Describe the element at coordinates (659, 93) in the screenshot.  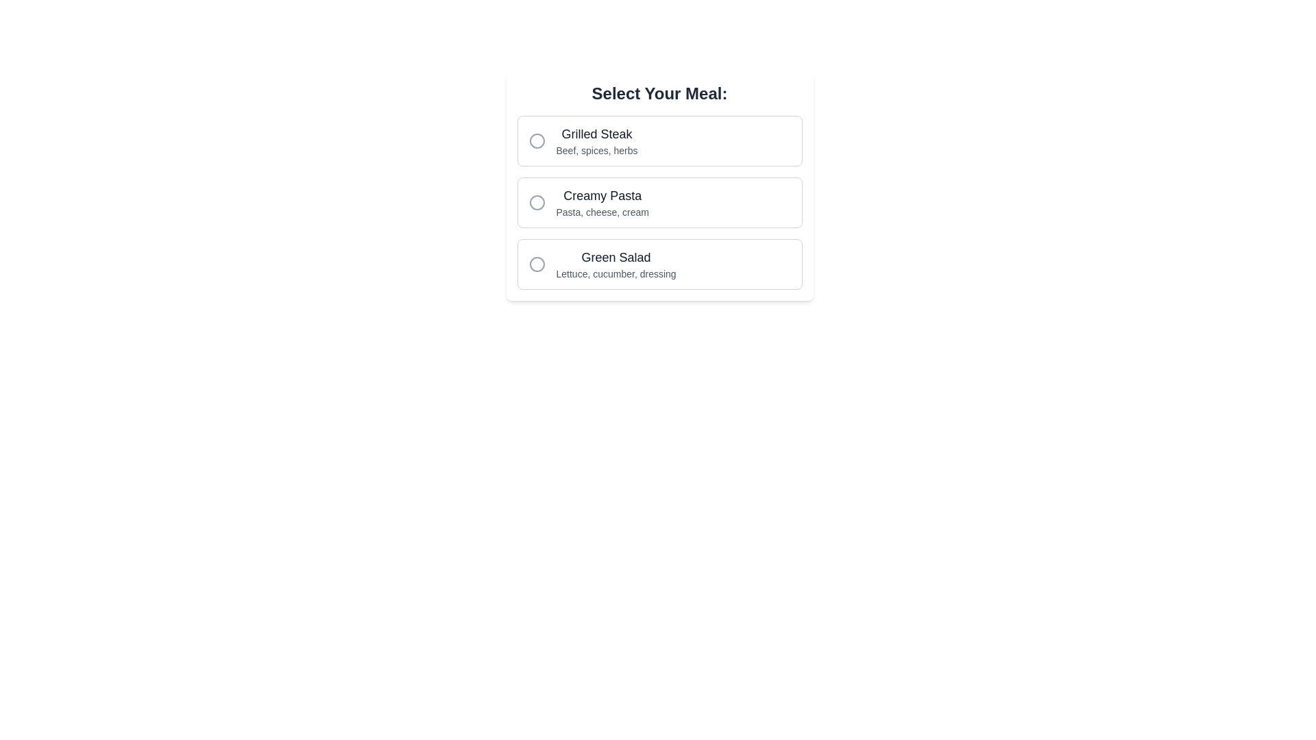
I see `the Text Label (Heading) that displays 'Select Your Meal:' which is positioned at the top center of the meal selection section` at that location.